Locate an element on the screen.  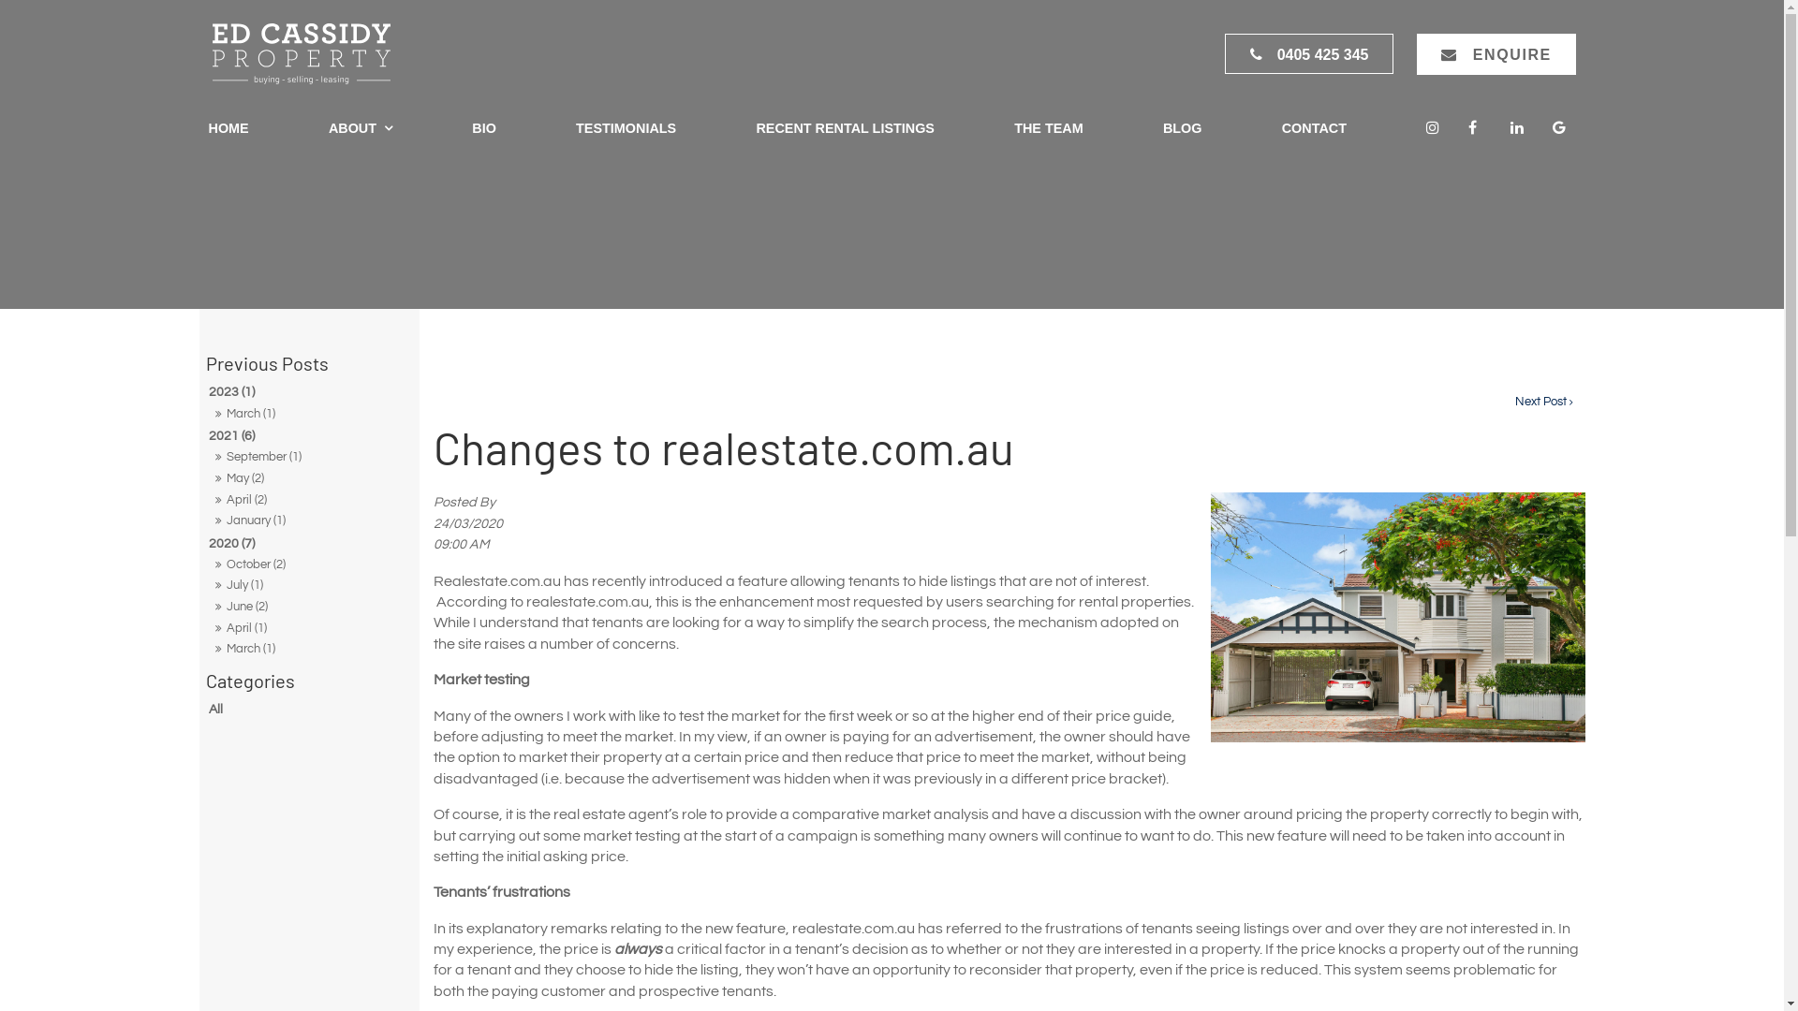
'2023 (1)' is located at coordinates (206, 390).